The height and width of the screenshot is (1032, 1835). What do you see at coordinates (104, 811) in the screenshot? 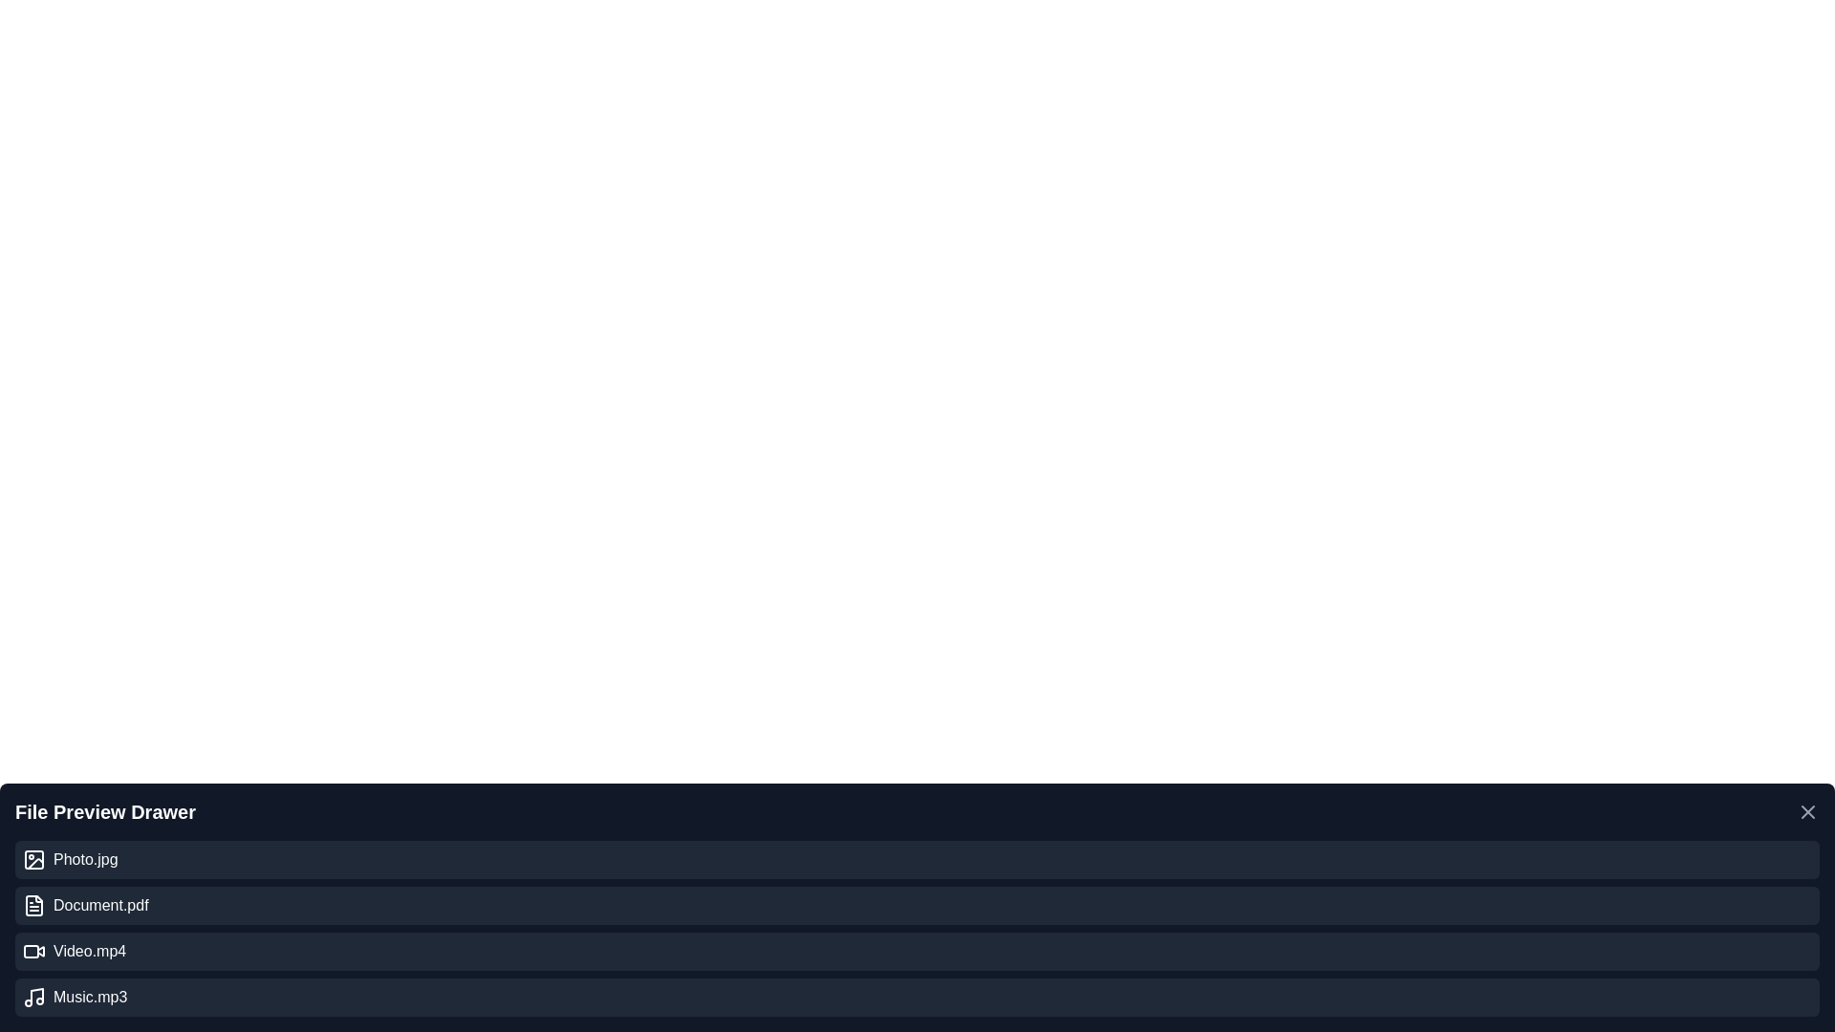
I see `header text 'File Preview Drawer' located at the top left corner of the panel to understand the purpose of the panel` at bounding box center [104, 811].